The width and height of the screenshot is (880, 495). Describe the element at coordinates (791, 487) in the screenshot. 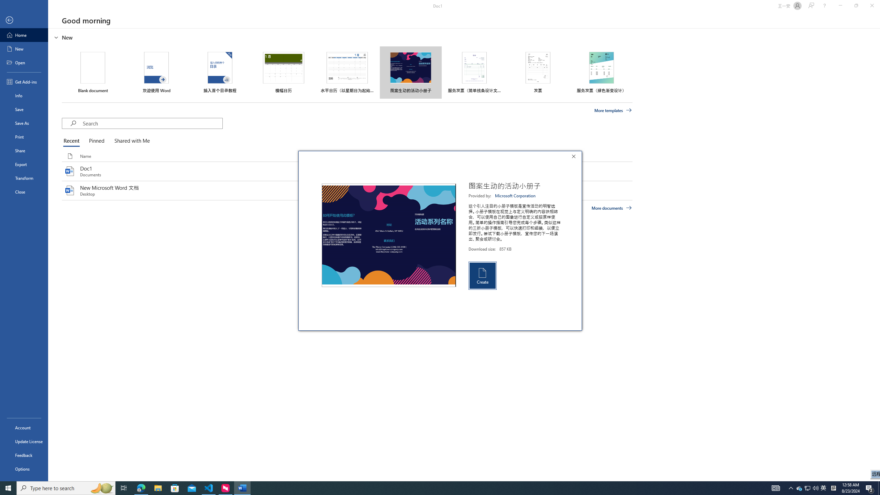

I see `'Notification Chevron'` at that location.